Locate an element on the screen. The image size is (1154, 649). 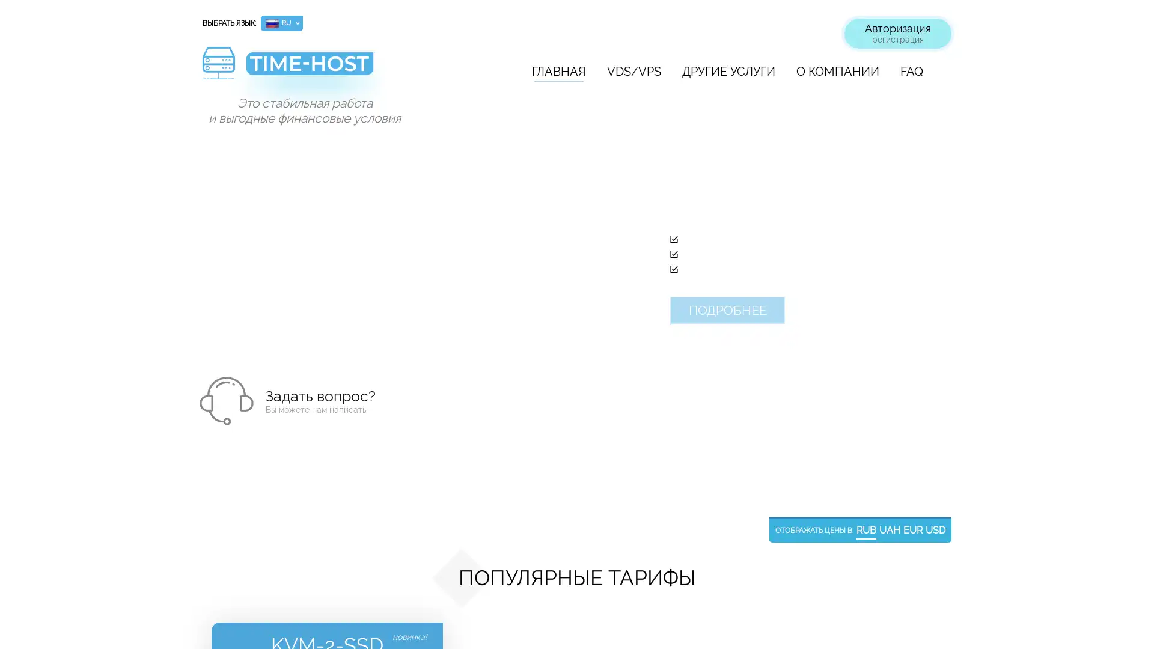
ru RU is located at coordinates (281, 23).